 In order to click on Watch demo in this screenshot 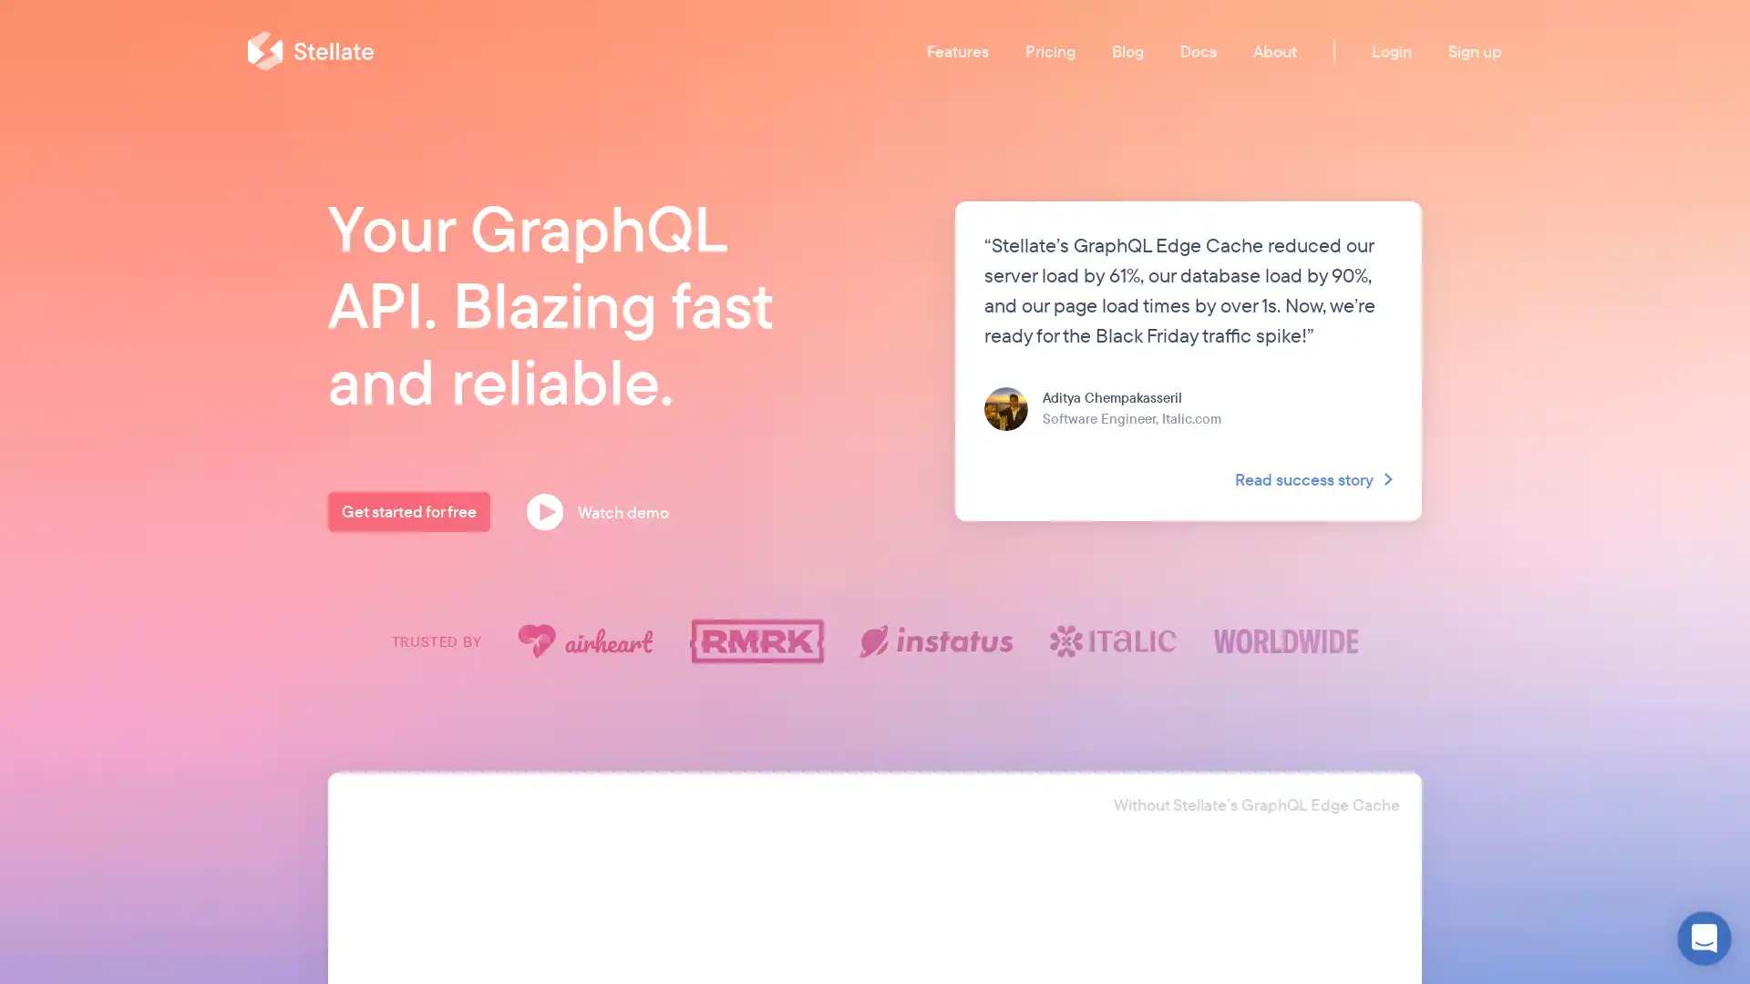, I will do `click(604, 512)`.